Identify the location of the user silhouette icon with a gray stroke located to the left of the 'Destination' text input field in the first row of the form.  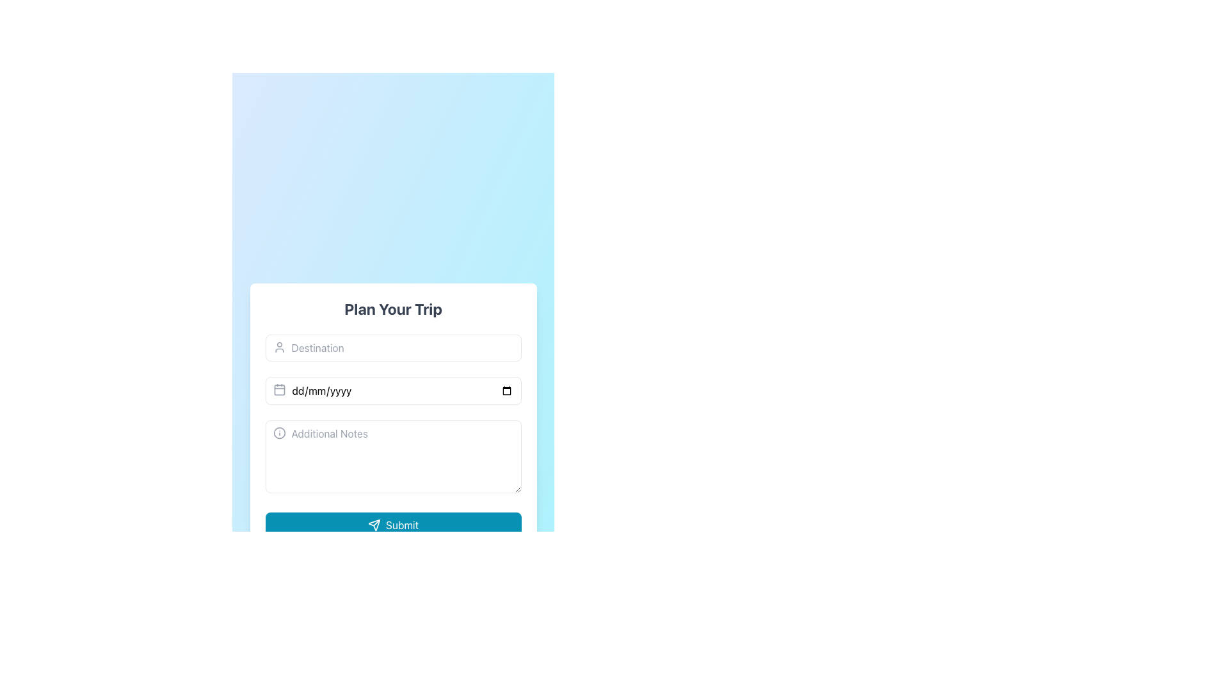
(278, 347).